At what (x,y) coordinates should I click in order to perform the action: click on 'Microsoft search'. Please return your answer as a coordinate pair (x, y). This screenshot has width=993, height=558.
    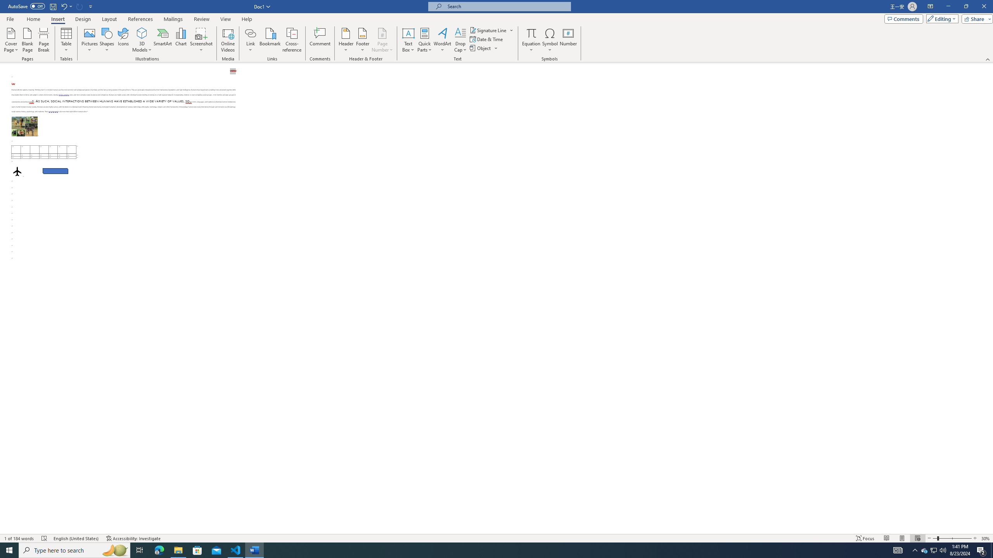
    Looking at the image, I should click on (506, 6).